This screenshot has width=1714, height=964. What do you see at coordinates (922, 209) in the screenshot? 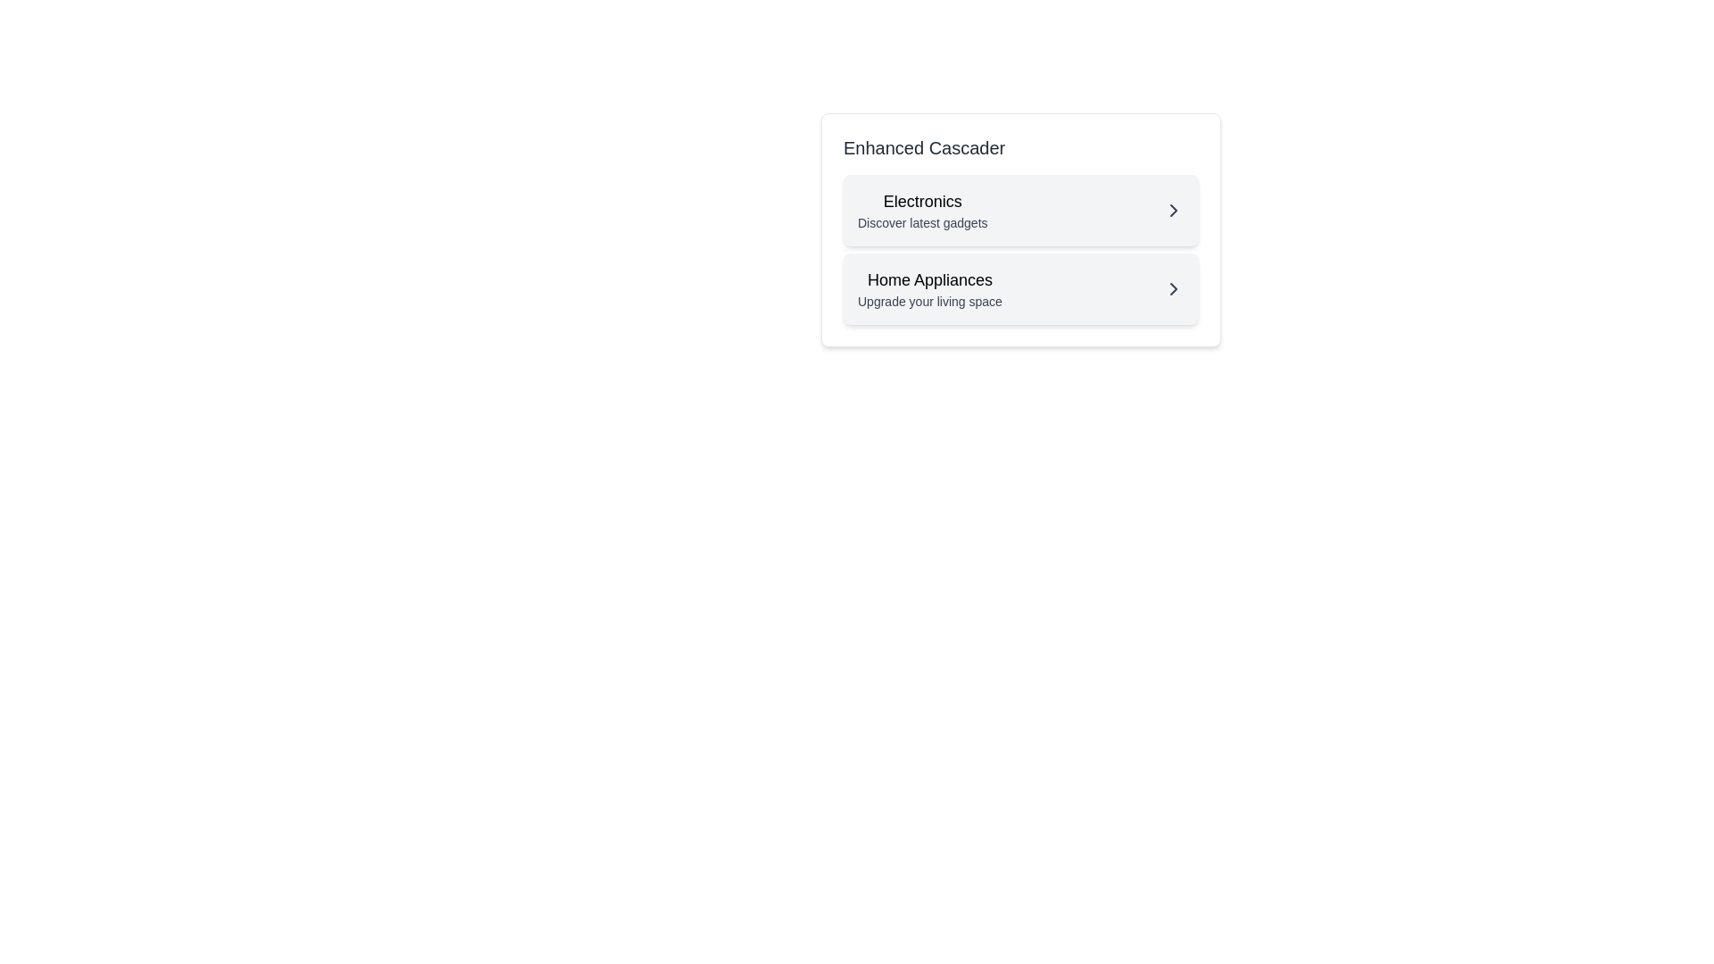
I see `the 'Electronics' menu item in the 'Enhanced Cascader'` at bounding box center [922, 209].